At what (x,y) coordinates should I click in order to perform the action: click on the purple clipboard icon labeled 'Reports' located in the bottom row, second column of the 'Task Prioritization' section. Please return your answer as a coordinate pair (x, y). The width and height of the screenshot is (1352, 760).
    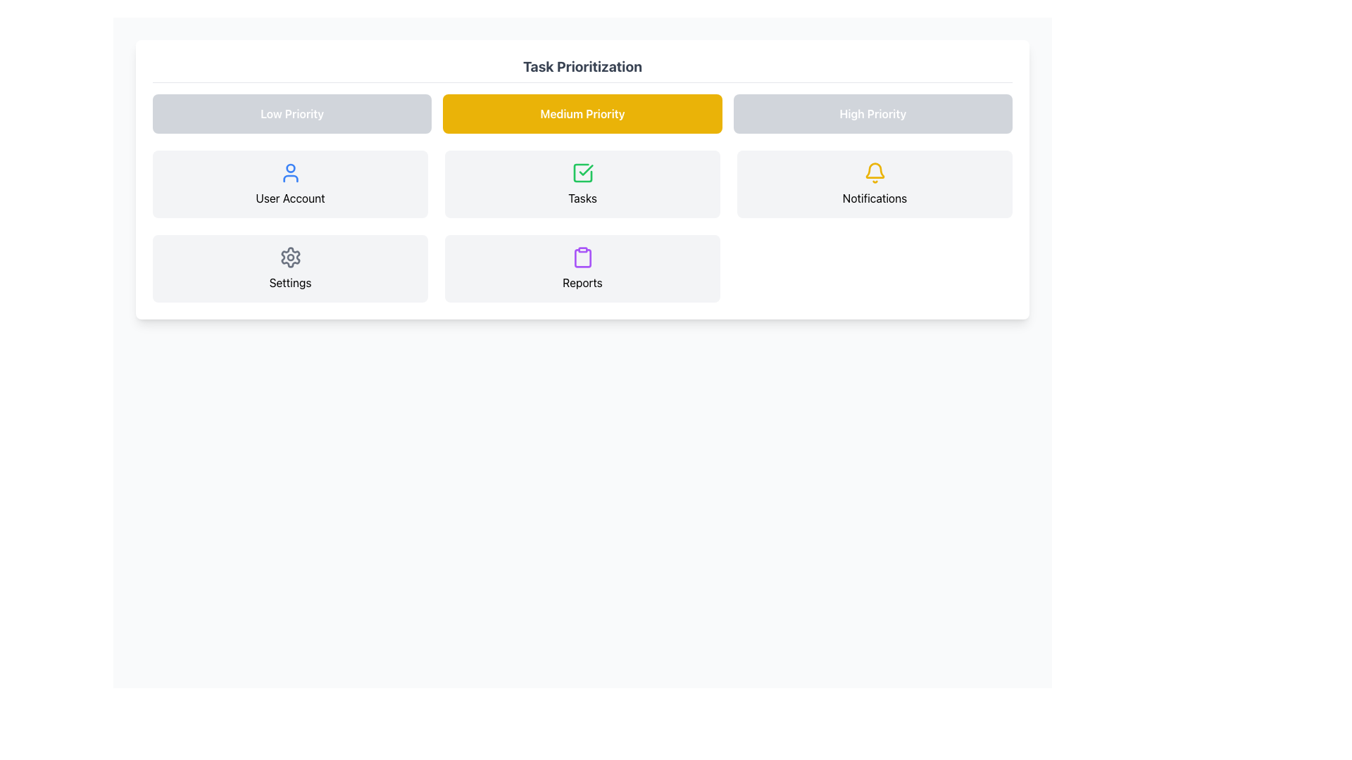
    Looking at the image, I should click on (582, 258).